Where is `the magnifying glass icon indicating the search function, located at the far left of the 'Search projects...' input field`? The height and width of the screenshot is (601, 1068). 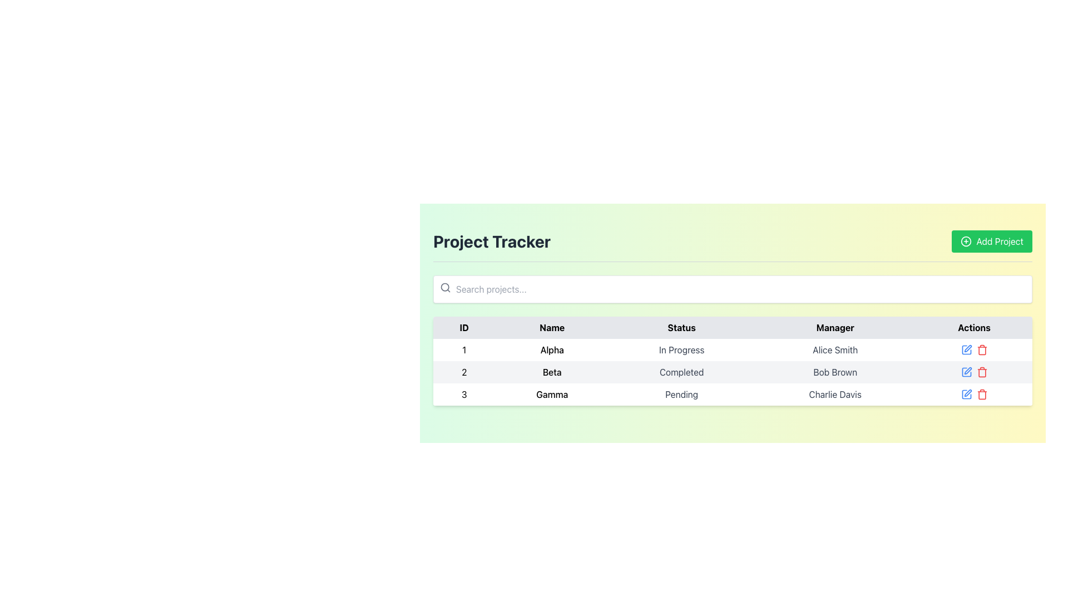
the magnifying glass icon indicating the search function, located at the far left of the 'Search projects...' input field is located at coordinates (446, 287).